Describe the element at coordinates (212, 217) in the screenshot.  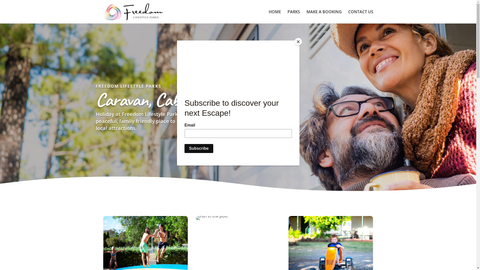
I see `'splash@2x'` at that location.